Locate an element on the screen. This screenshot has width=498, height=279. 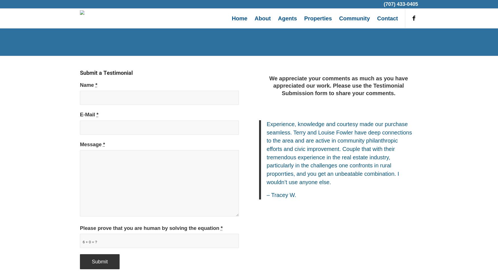
'(707) 433-0405' is located at coordinates (400, 4).